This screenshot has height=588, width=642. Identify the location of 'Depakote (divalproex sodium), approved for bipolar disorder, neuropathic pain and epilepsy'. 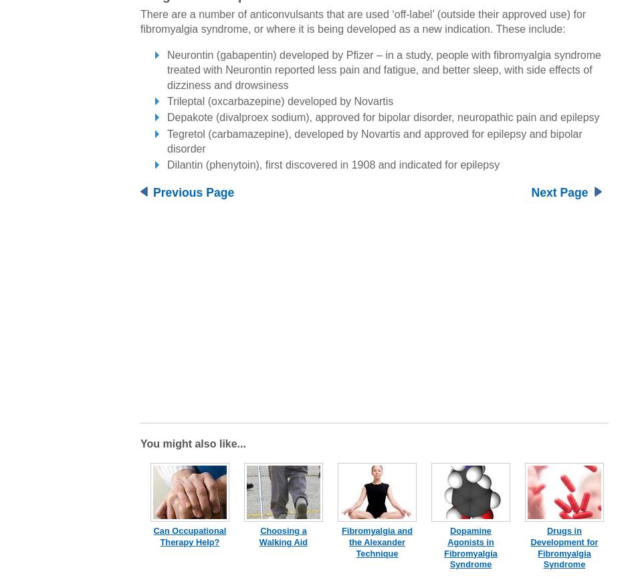
(383, 116).